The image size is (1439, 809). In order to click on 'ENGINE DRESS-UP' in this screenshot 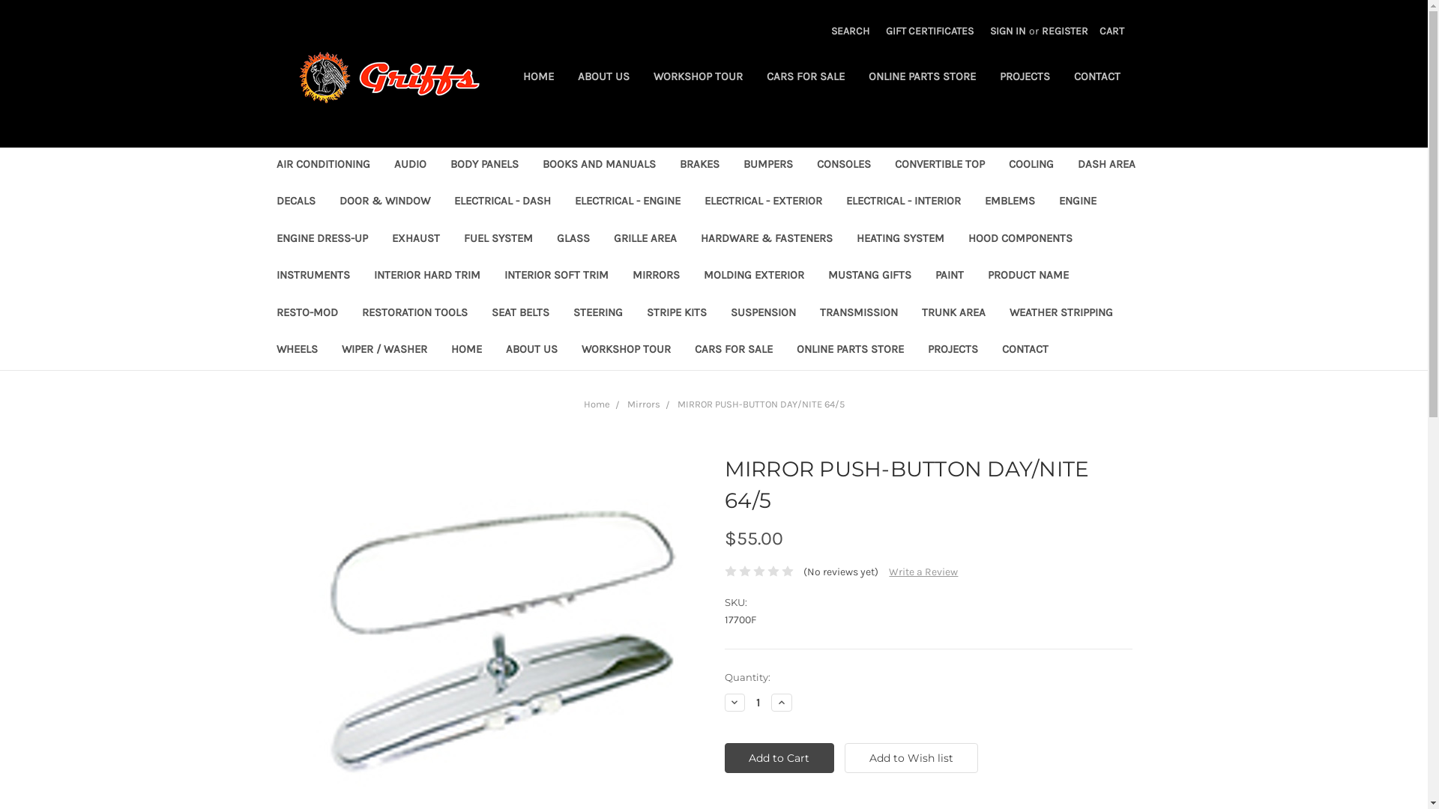, I will do `click(320, 239)`.